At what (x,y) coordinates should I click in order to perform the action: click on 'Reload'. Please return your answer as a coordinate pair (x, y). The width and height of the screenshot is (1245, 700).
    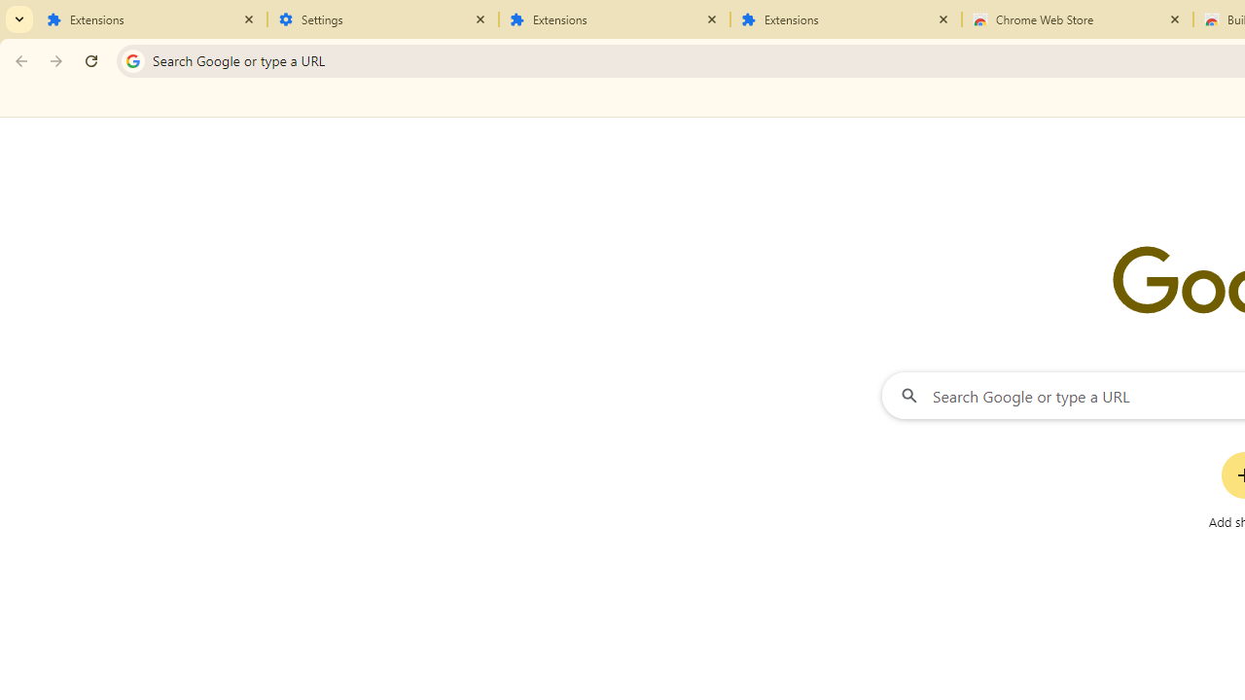
    Looking at the image, I should click on (90, 59).